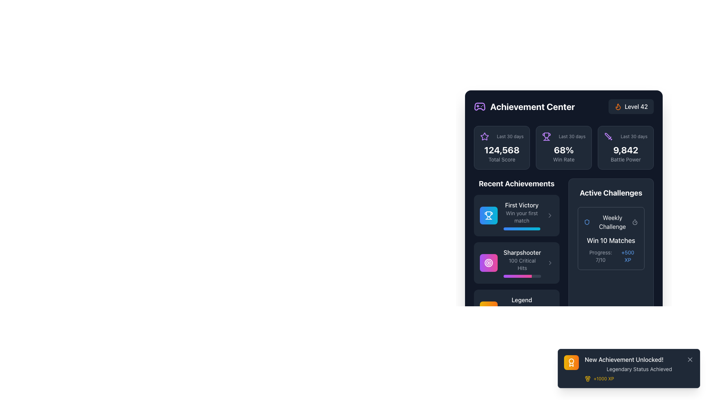 Image resolution: width=712 pixels, height=400 pixels. What do you see at coordinates (571, 362) in the screenshot?
I see `the Icon badge representing an achievement-related update located in the notification panel at the bottom-right corner of the interface, adjacent to the notification text 'New Achievement Unlocked!'` at bounding box center [571, 362].